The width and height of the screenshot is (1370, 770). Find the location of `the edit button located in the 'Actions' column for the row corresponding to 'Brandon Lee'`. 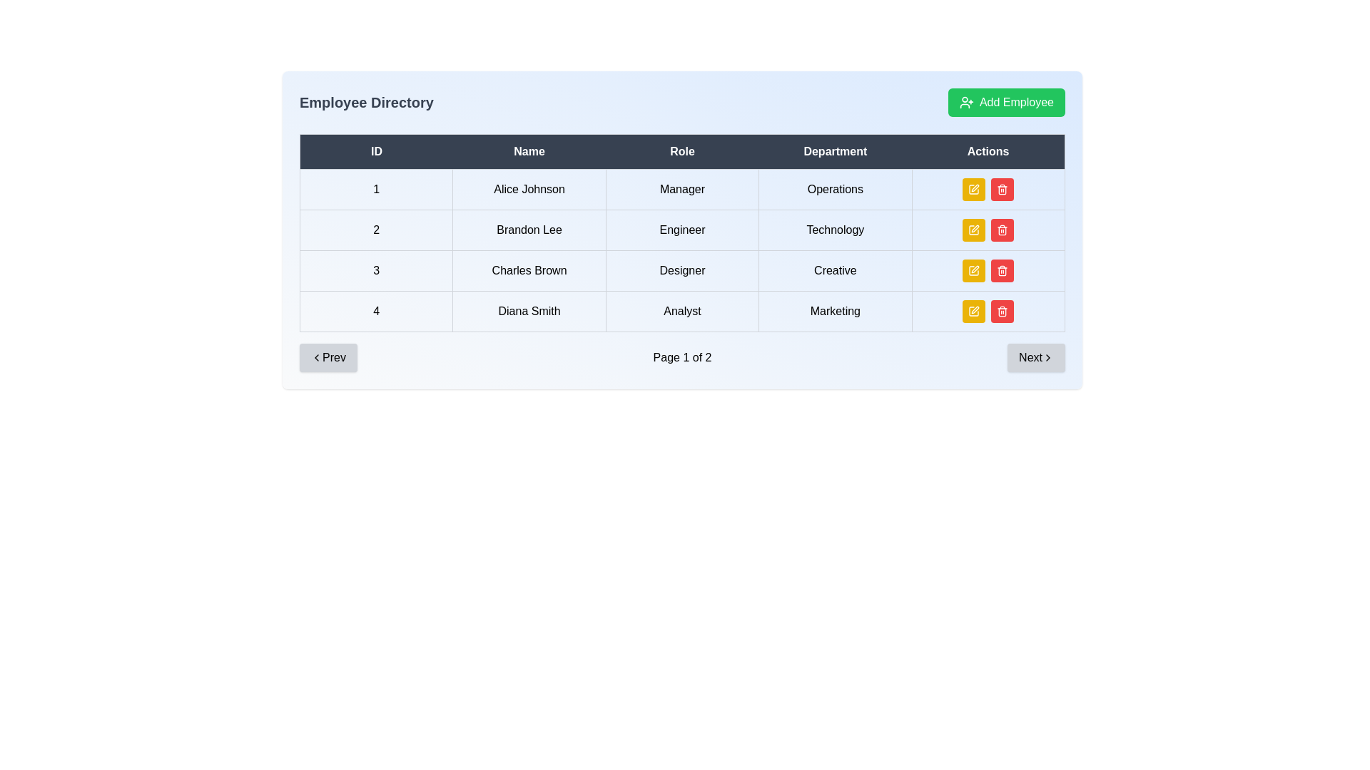

the edit button located in the 'Actions' column for the row corresponding to 'Brandon Lee' is located at coordinates (973, 230).